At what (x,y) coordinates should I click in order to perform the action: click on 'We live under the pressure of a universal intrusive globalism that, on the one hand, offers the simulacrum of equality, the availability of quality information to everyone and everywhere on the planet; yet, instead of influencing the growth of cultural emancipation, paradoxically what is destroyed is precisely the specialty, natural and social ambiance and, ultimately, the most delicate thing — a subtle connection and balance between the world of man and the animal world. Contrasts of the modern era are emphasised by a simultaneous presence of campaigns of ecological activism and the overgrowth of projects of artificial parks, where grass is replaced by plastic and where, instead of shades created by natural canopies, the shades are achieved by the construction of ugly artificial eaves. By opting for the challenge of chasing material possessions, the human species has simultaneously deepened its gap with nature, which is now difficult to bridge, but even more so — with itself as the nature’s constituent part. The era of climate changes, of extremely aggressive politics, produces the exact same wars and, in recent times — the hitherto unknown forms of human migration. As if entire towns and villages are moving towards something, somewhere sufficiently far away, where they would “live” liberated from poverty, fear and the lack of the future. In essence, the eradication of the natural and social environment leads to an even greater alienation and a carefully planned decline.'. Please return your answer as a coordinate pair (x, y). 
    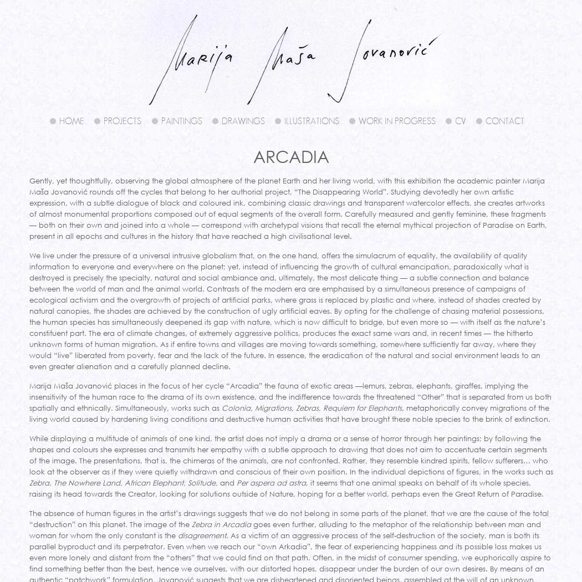
    Looking at the image, I should click on (286, 311).